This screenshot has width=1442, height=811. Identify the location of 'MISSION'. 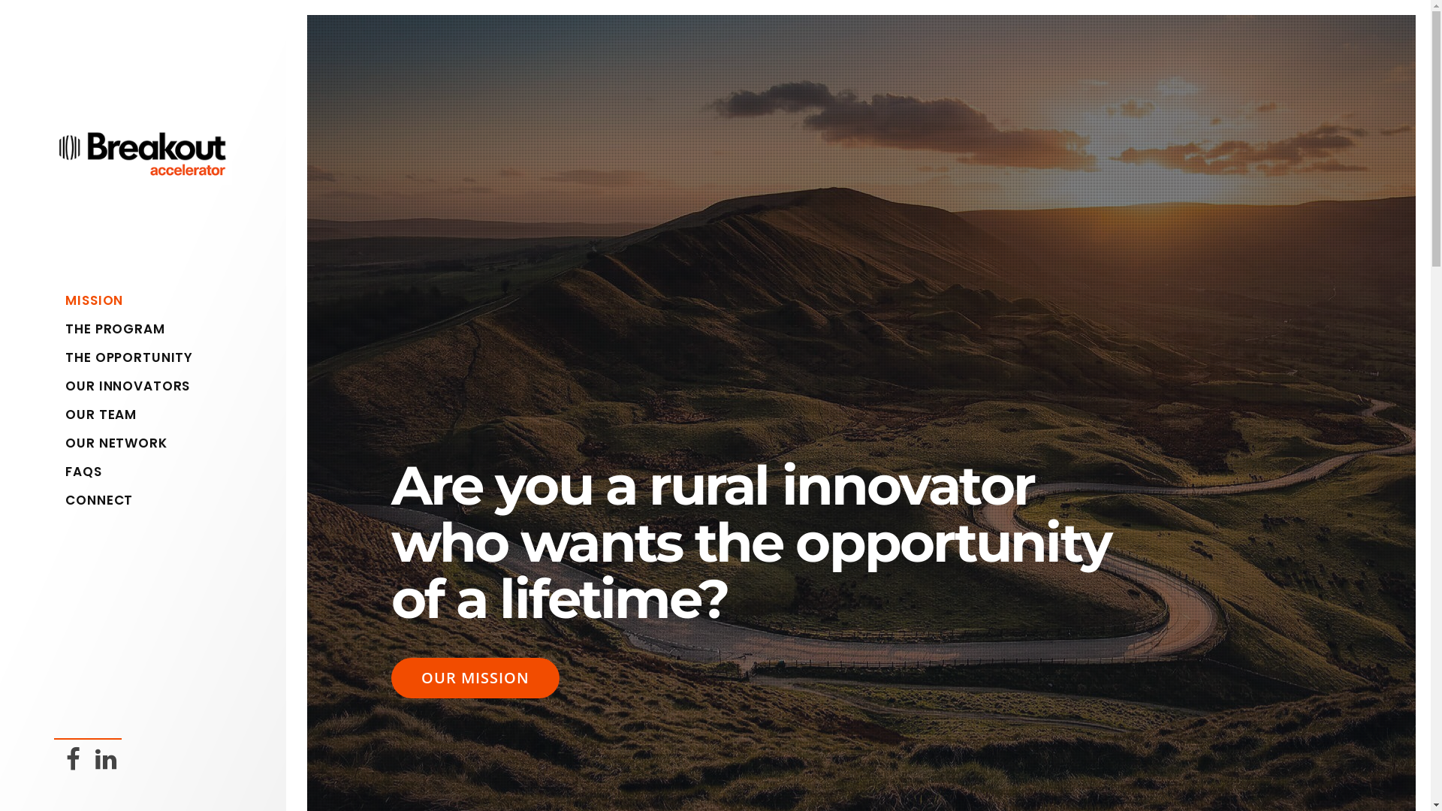
(148, 300).